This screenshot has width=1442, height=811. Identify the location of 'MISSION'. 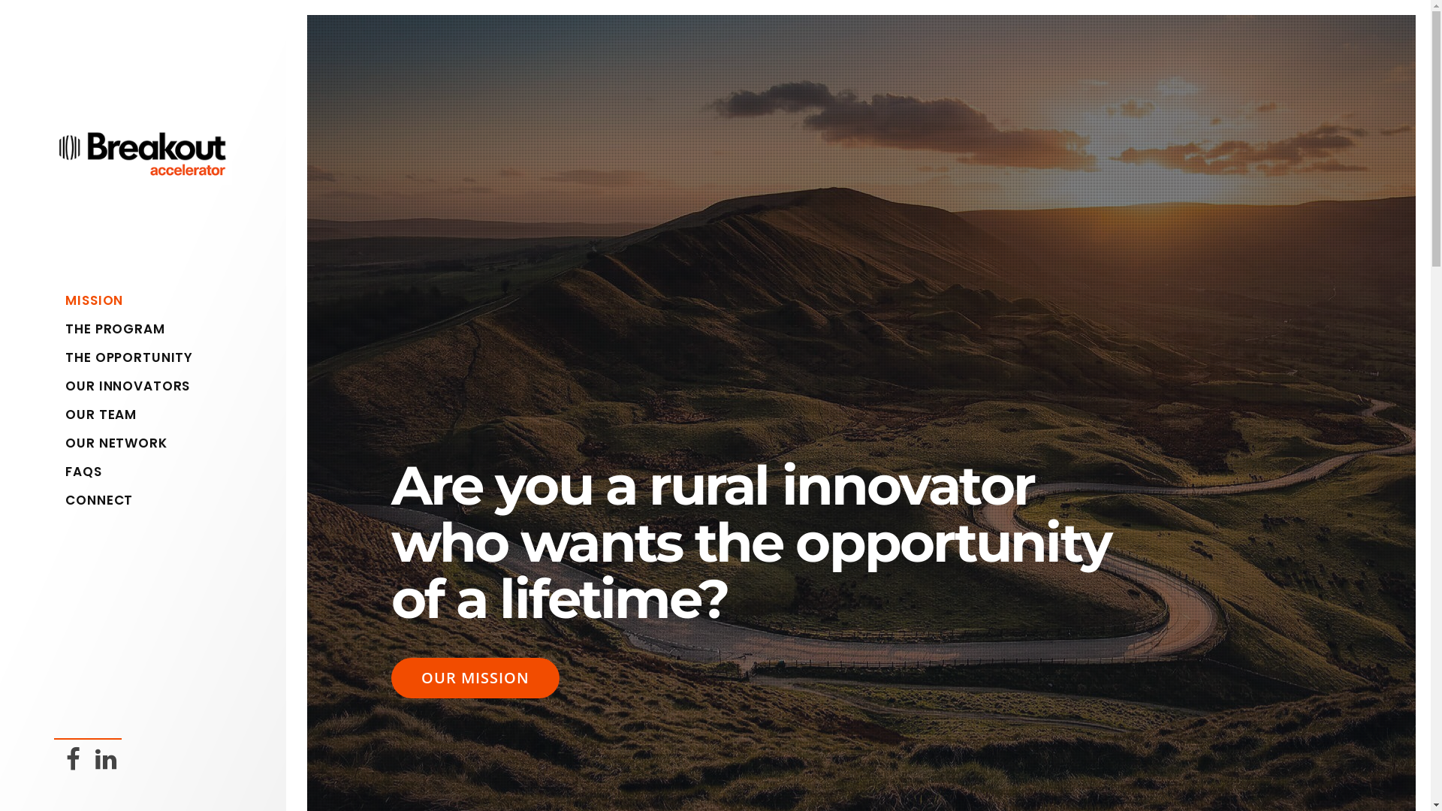
(148, 300).